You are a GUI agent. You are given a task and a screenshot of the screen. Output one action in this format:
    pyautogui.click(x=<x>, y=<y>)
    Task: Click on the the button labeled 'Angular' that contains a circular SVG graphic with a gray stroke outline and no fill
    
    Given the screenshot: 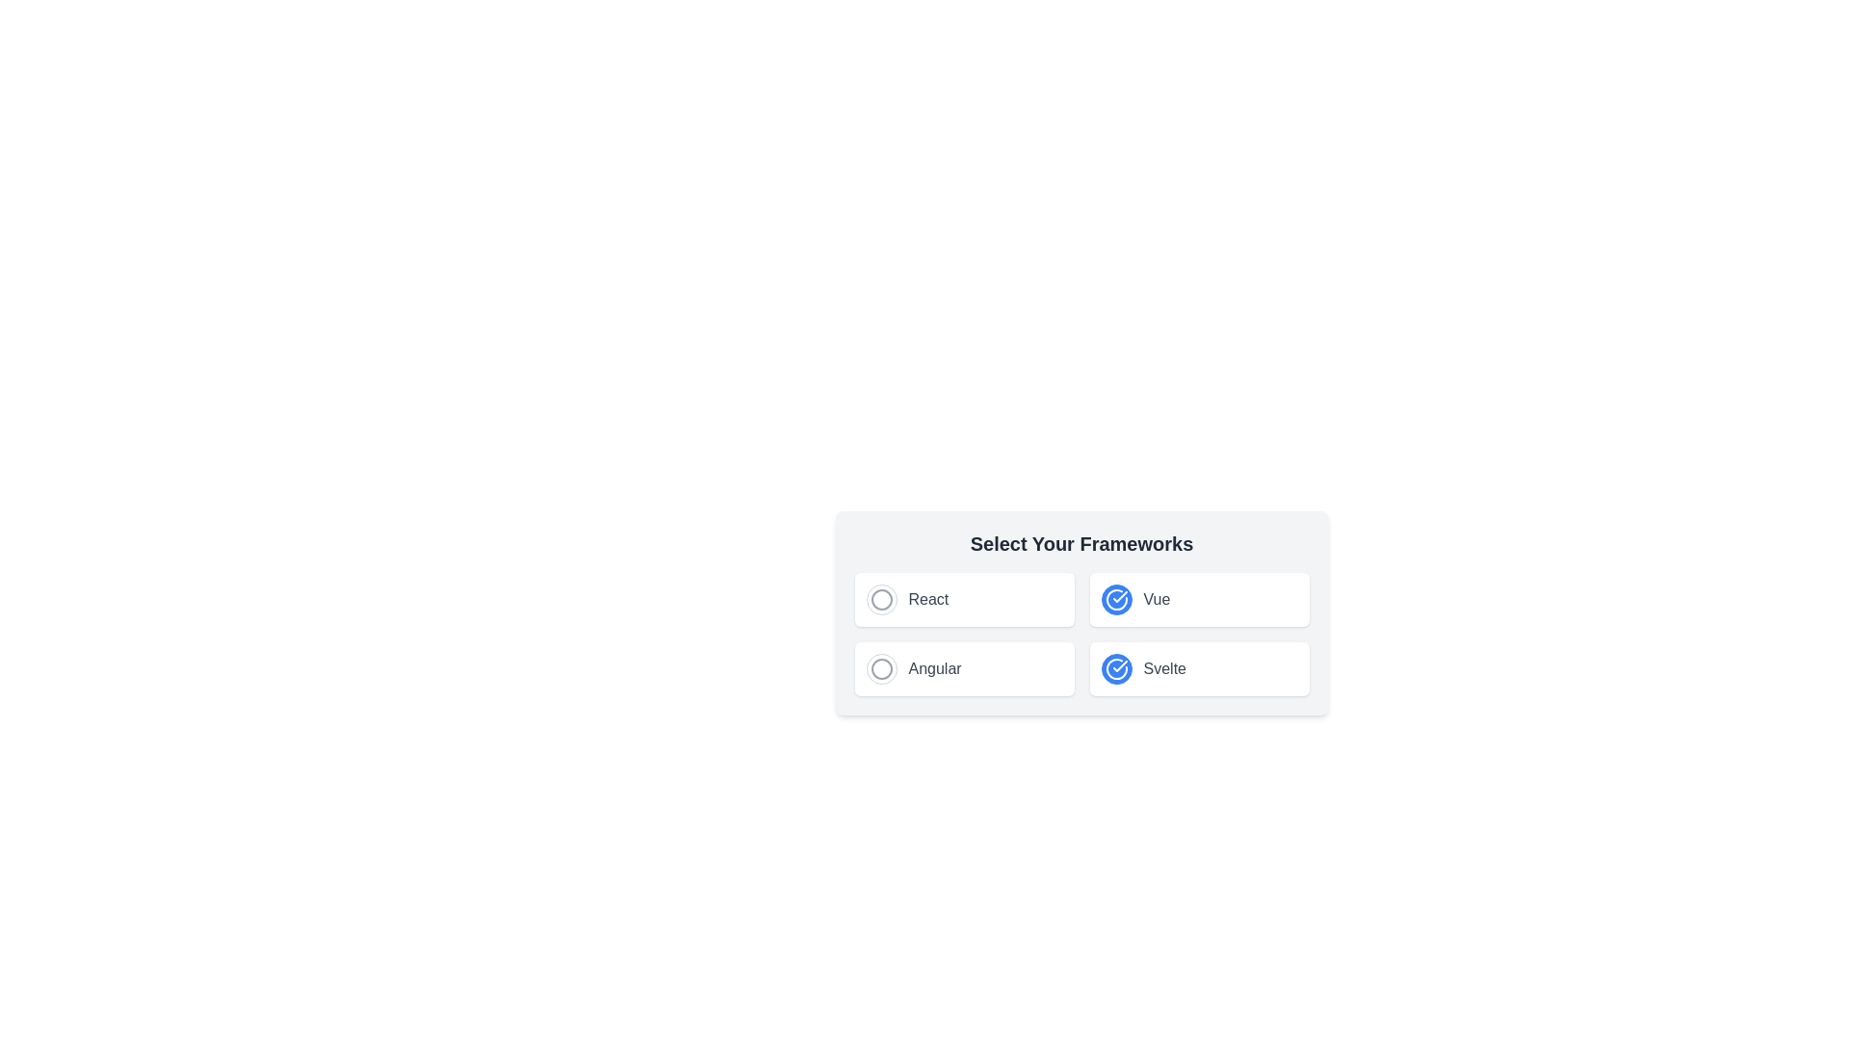 What is the action you would take?
    pyautogui.click(x=880, y=667)
    